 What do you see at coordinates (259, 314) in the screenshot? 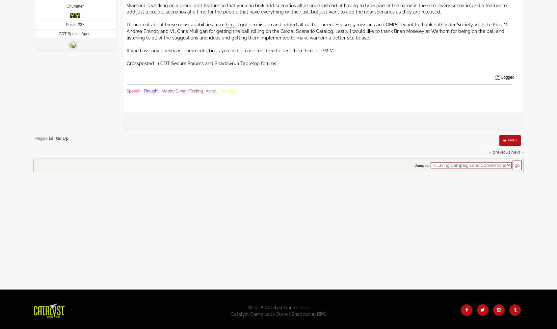
I see `'Catalyst Game Labs Store'` at bounding box center [259, 314].